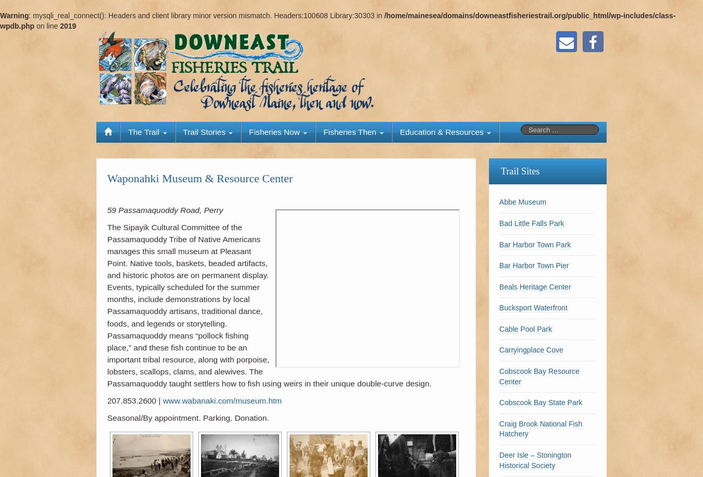 Image resolution: width=703 pixels, height=477 pixels. What do you see at coordinates (535, 459) in the screenshot?
I see `'Deer Isle – Stonington Historical Society'` at bounding box center [535, 459].